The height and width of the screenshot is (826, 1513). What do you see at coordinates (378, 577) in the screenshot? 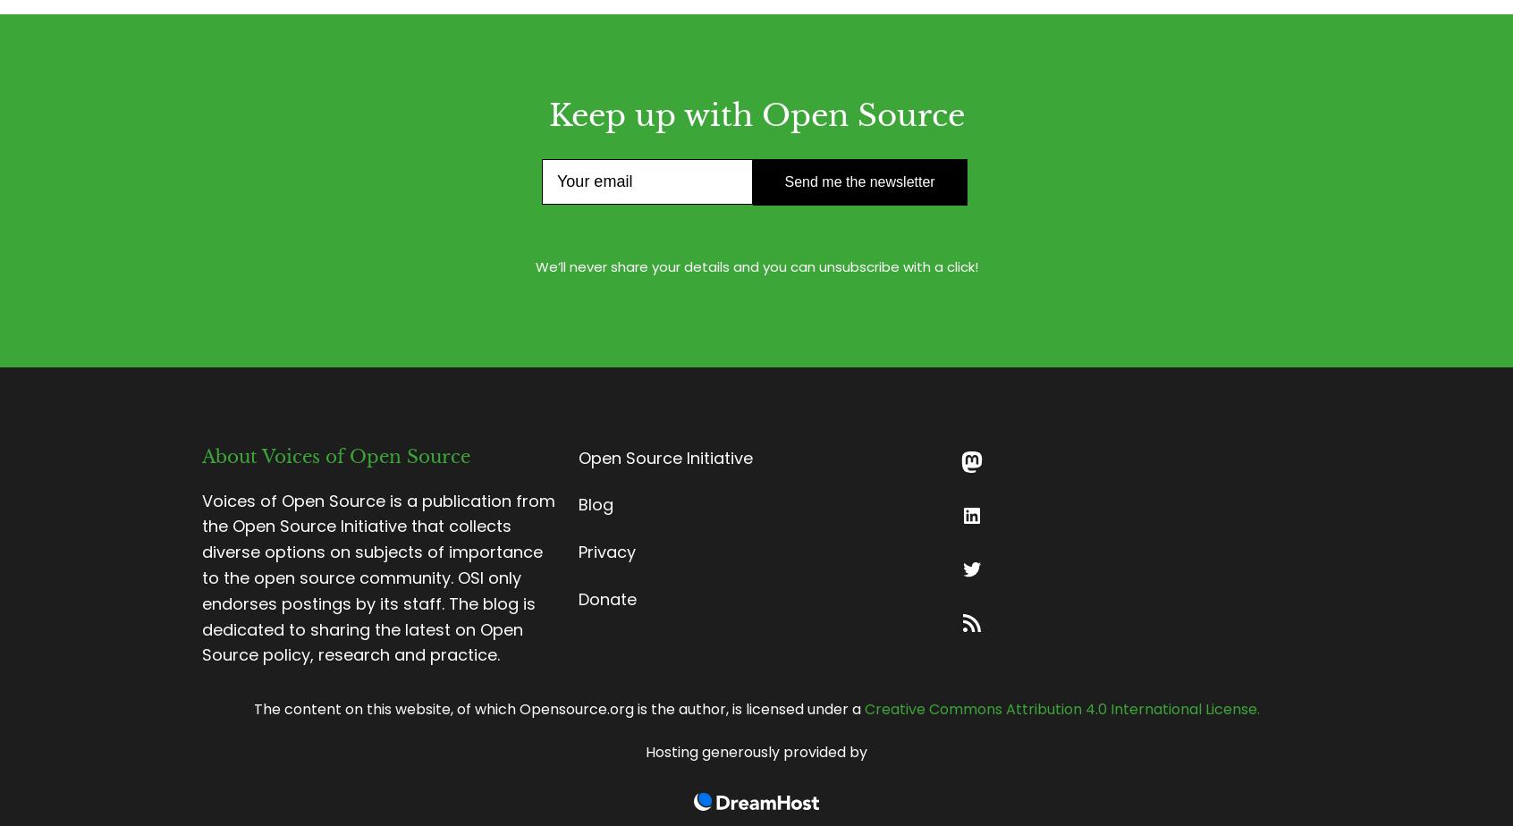
I see `'Voices of Open Source is a publication from the Open Source Initiative that collects diverse options on subjects of importance to the open source community. OSI only endorses postings by its staff. The blog is dedicated to sharing the latest on Open Source policy, research and practice.'` at bounding box center [378, 577].